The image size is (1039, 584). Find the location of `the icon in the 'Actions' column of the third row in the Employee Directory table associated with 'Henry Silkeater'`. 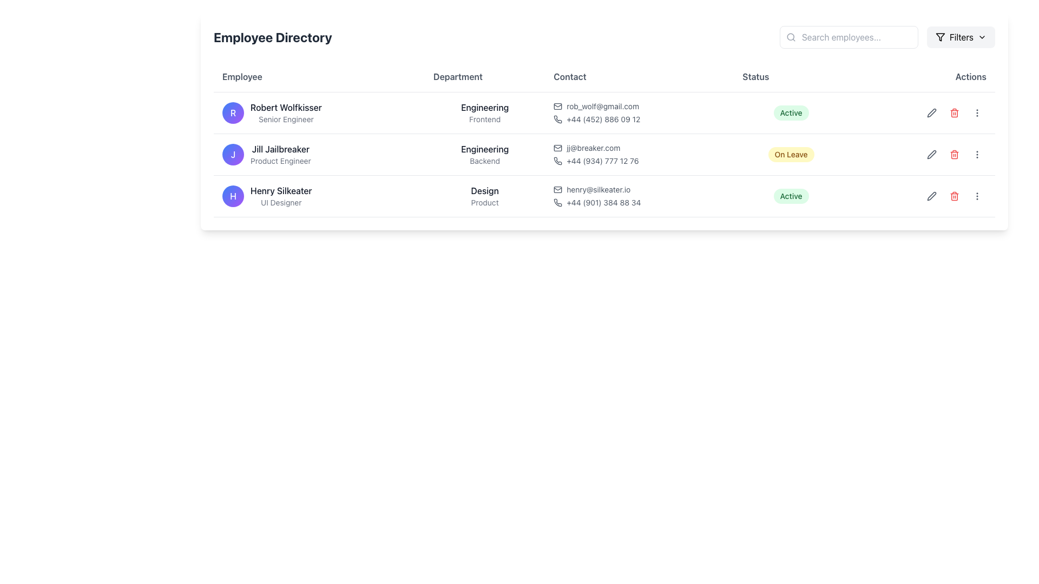

the icon in the 'Actions' column of the third row in the Employee Directory table associated with 'Henry Silkeater' is located at coordinates (977, 196).